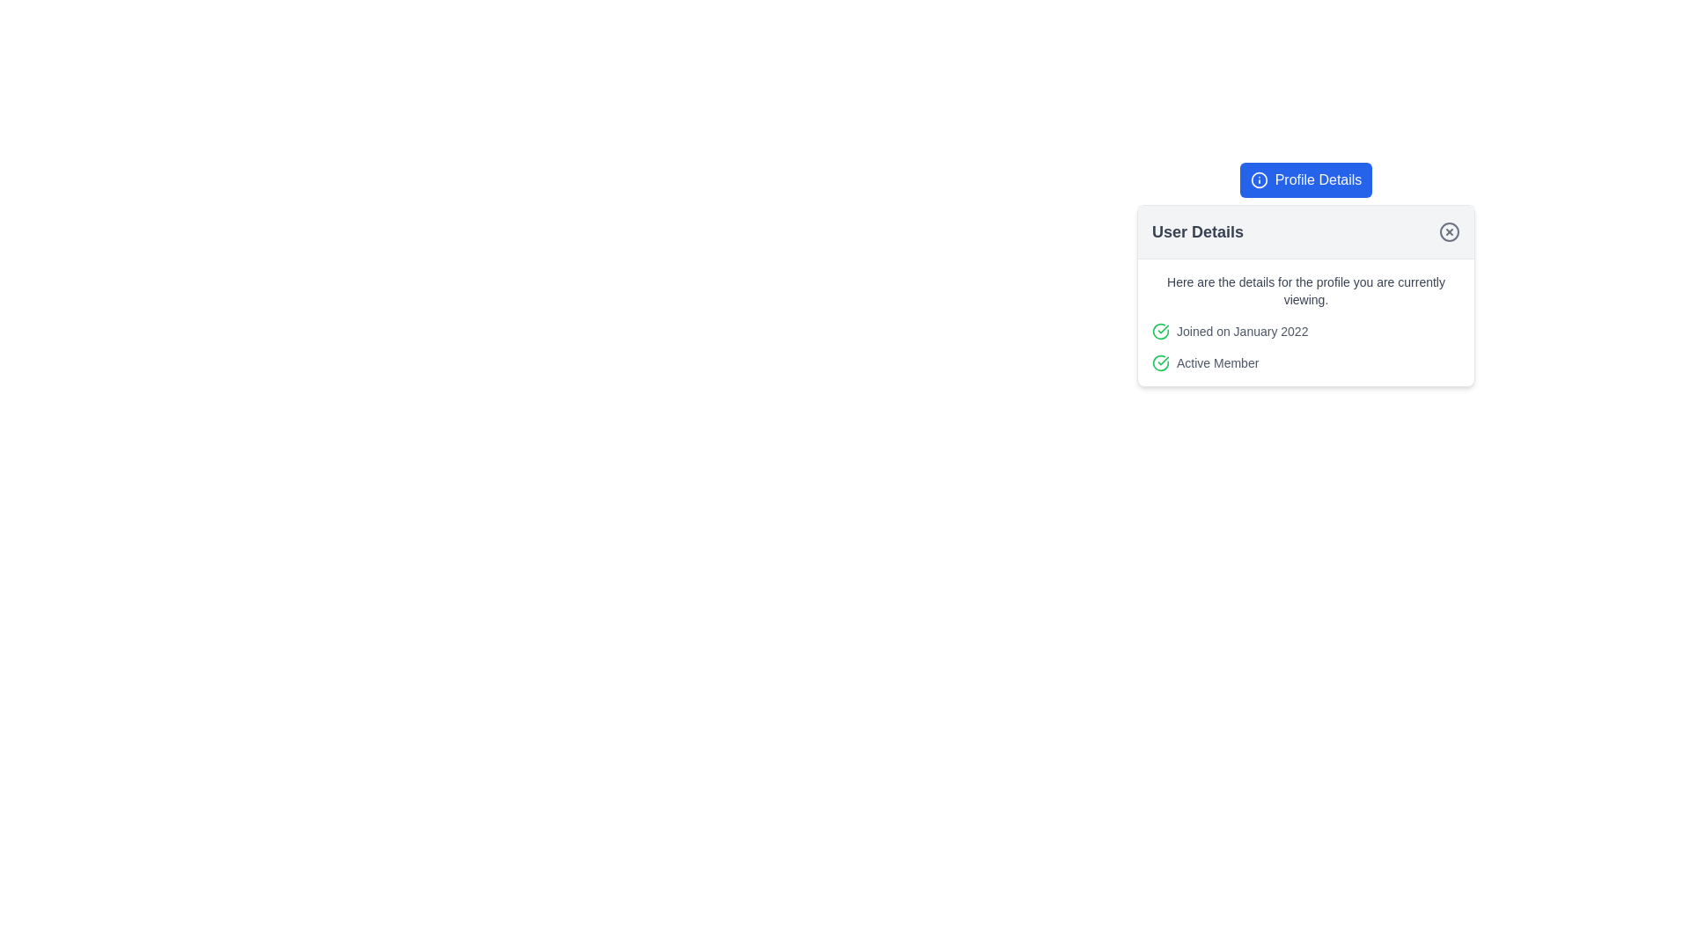  I want to click on the static text header located at the top of the modal, aligned to the left side, indicating the content of the page below, so click(1197, 230).